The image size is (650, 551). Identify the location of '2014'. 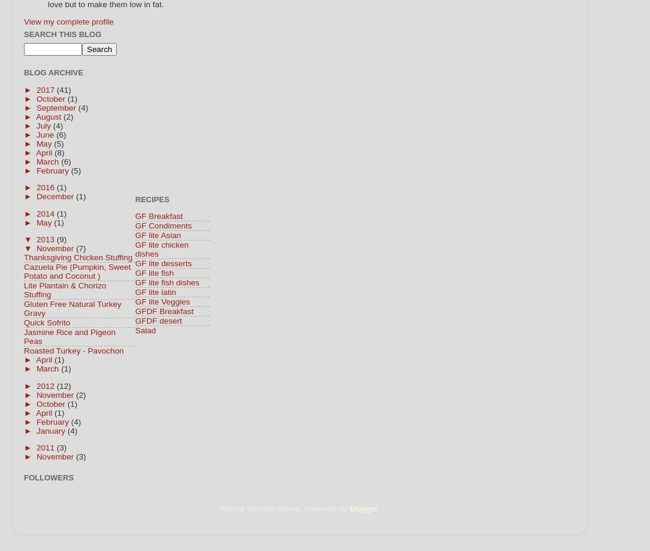
(46, 213).